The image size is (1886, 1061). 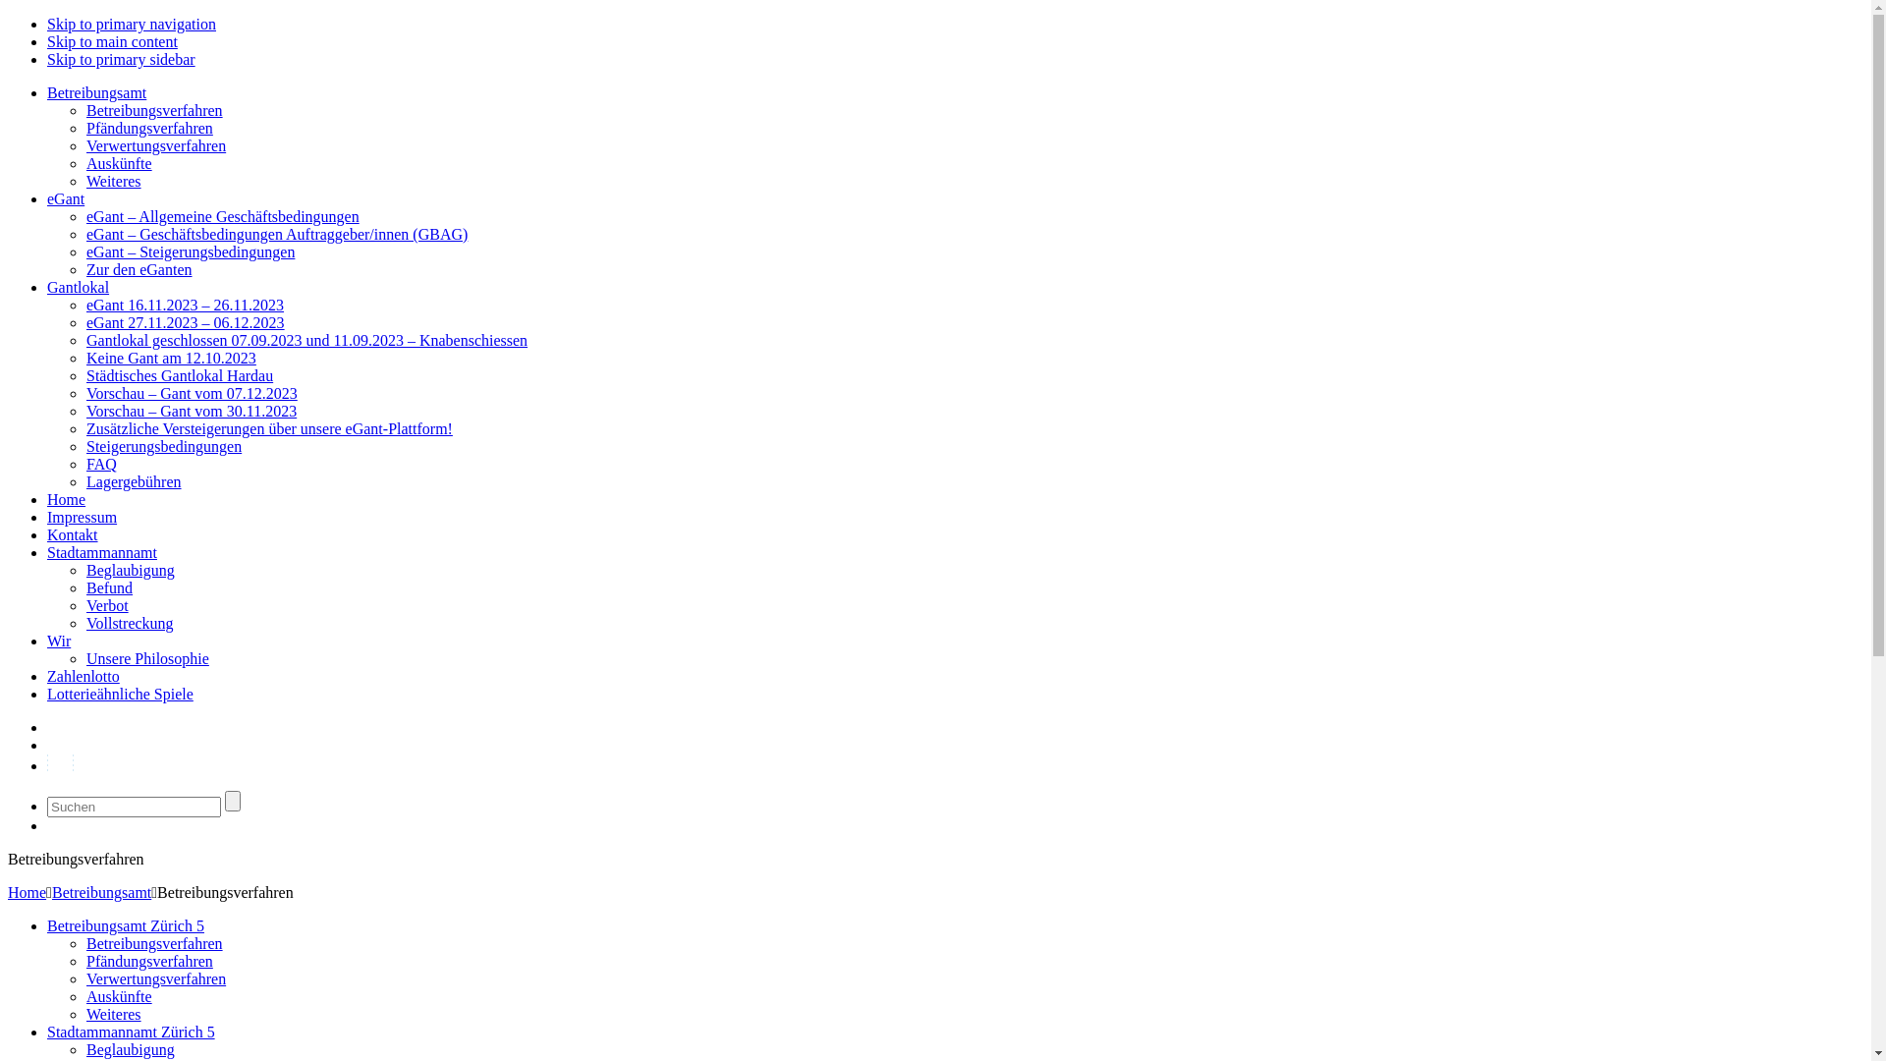 I want to click on 'Skip to primary sidebar', so click(x=120, y=58).